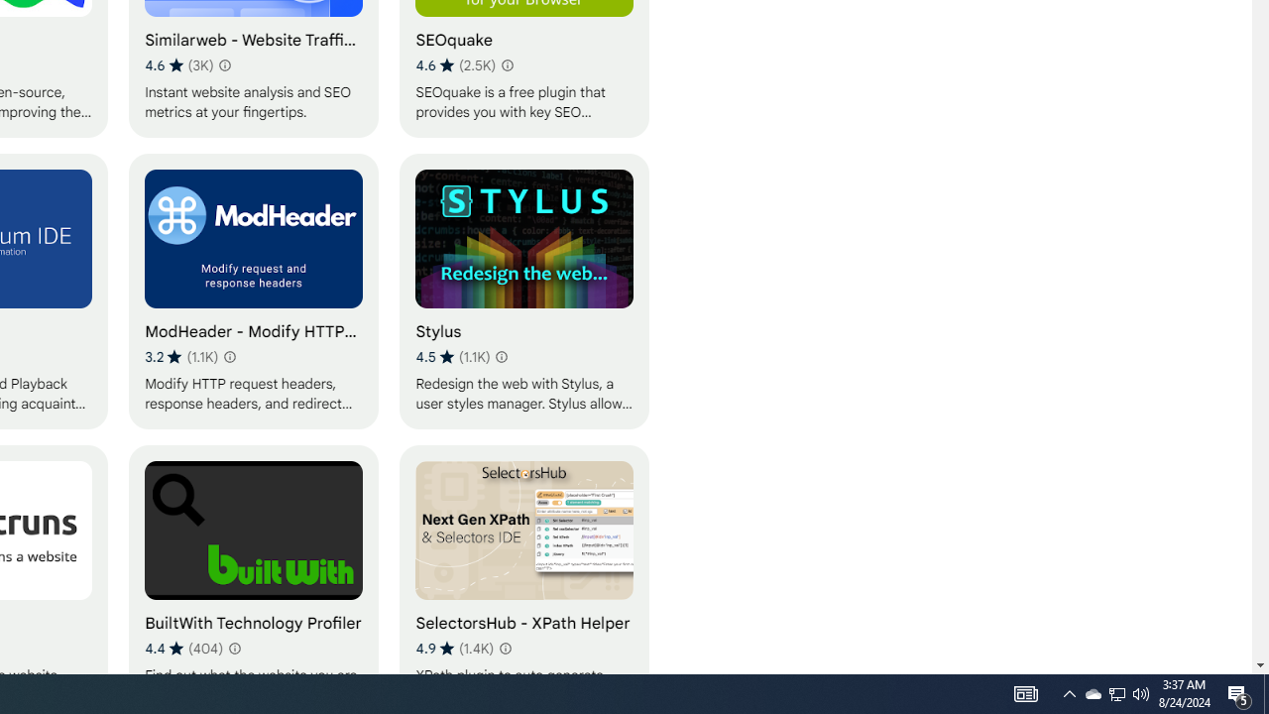 The height and width of the screenshot is (714, 1269). I want to click on 'Average rating 4.9 out of 5 stars. 1.4K ratings.', so click(453, 648).